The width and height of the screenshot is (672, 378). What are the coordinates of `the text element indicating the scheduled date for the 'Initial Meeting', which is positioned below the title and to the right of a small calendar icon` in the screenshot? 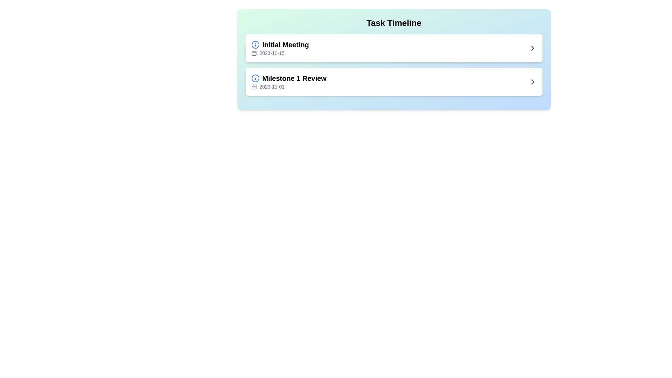 It's located at (280, 52).